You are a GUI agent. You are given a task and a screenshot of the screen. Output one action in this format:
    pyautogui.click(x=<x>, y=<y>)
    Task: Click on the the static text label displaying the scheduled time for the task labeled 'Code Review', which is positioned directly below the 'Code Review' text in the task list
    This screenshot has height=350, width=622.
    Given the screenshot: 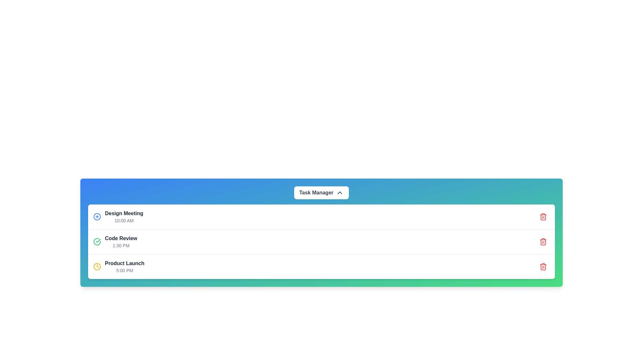 What is the action you would take?
    pyautogui.click(x=121, y=246)
    